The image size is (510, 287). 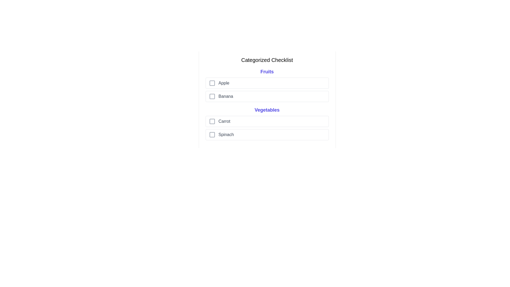 What do you see at coordinates (212, 96) in the screenshot?
I see `the small square-shaped icon with rounded corners adjacent to the text label 'Banana' in the checklist under the 'Fruits' category` at bounding box center [212, 96].